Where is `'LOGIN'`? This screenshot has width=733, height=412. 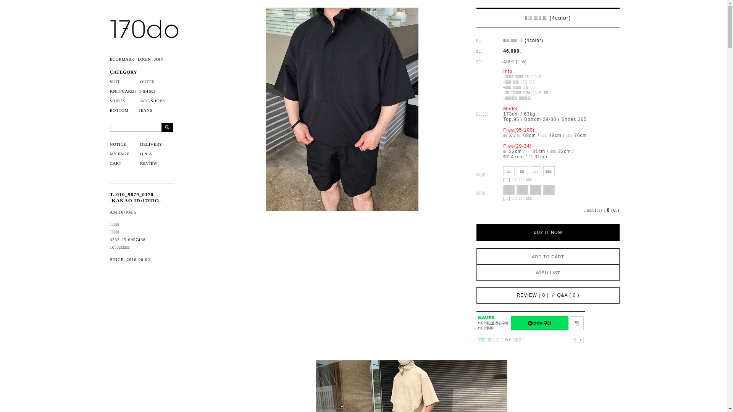 'LOGIN' is located at coordinates (145, 58).